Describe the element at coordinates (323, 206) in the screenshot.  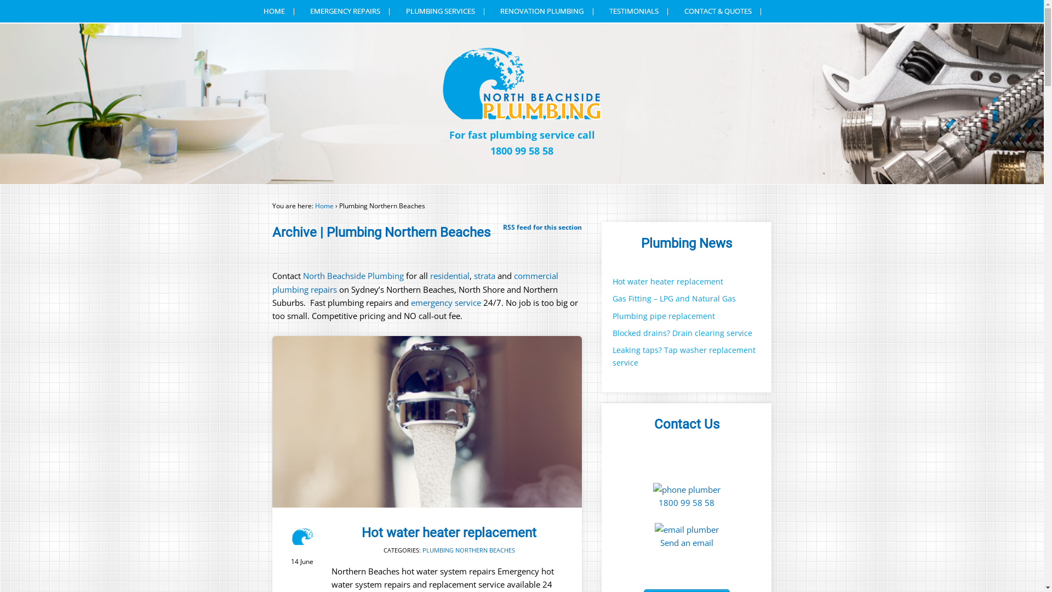
I see `'Home'` at that location.